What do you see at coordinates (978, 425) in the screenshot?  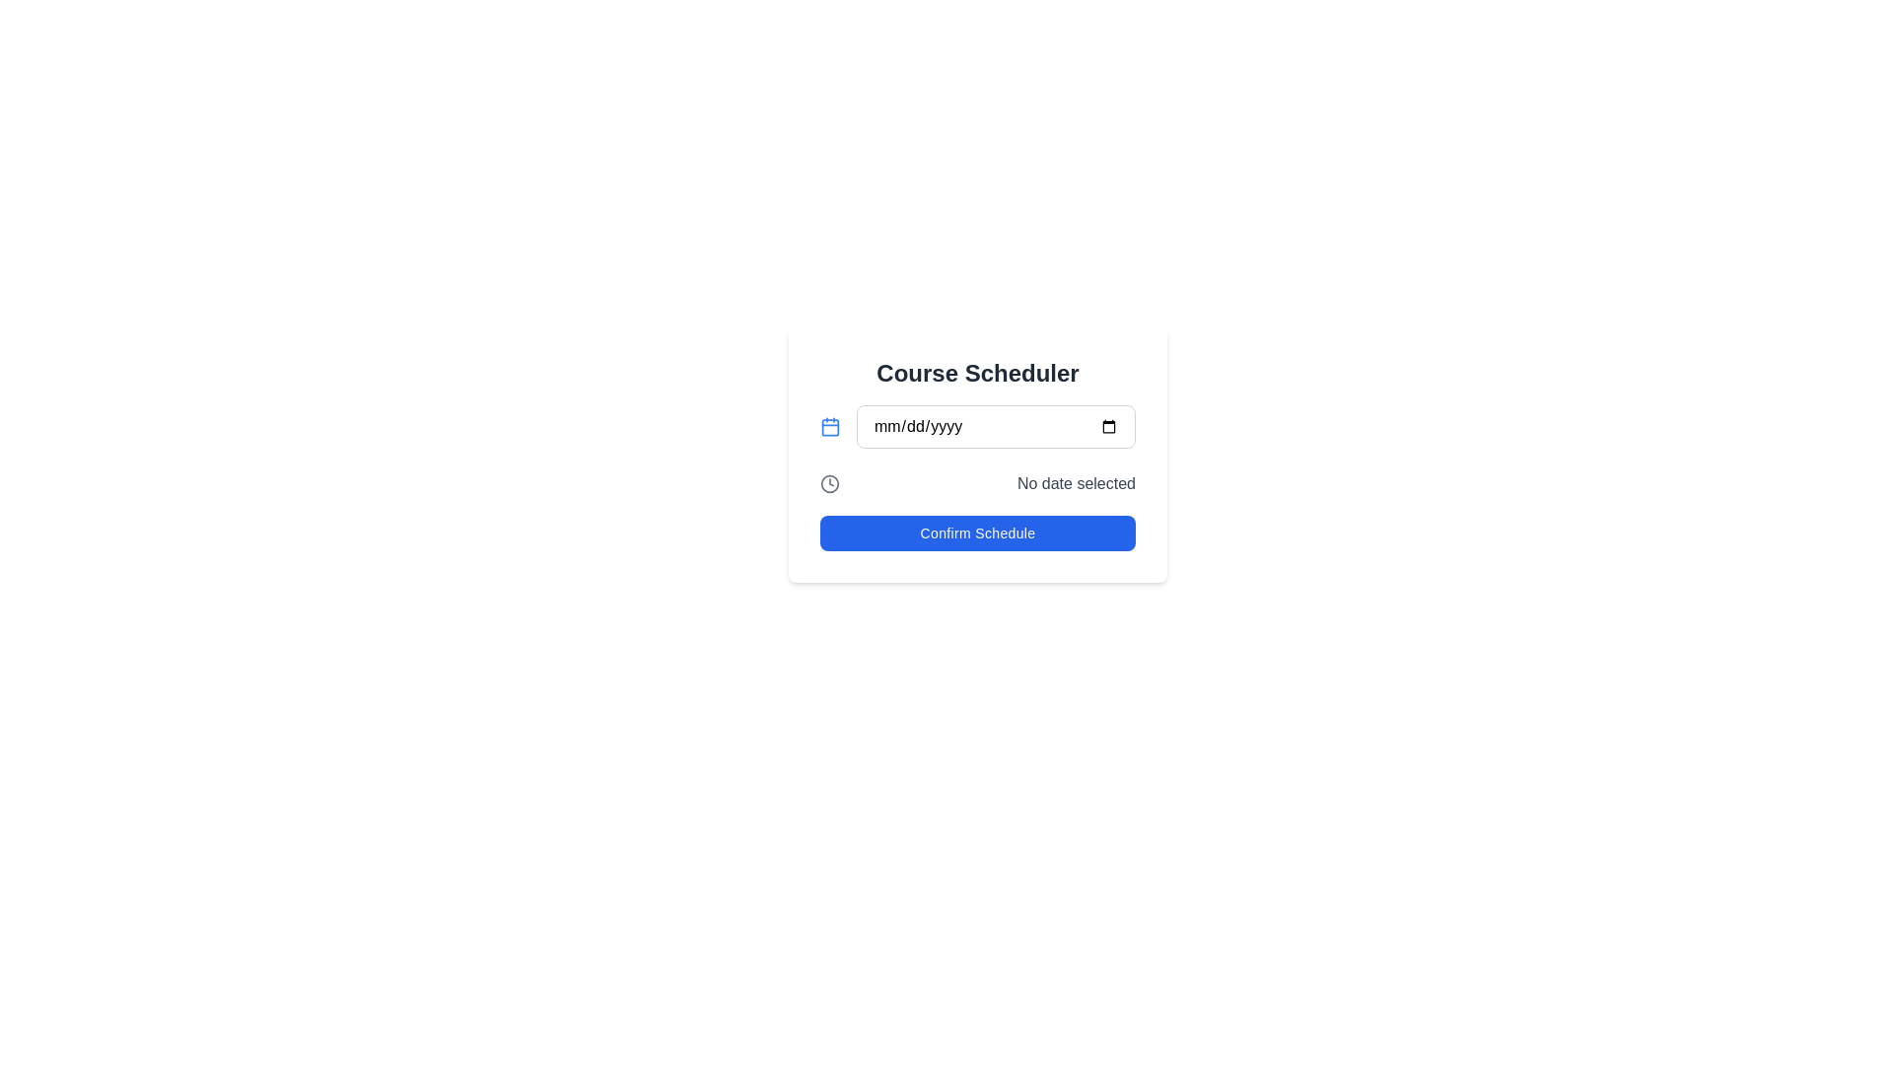 I see `inside the date input field located under the 'Course Scheduler' title to type a date` at bounding box center [978, 425].